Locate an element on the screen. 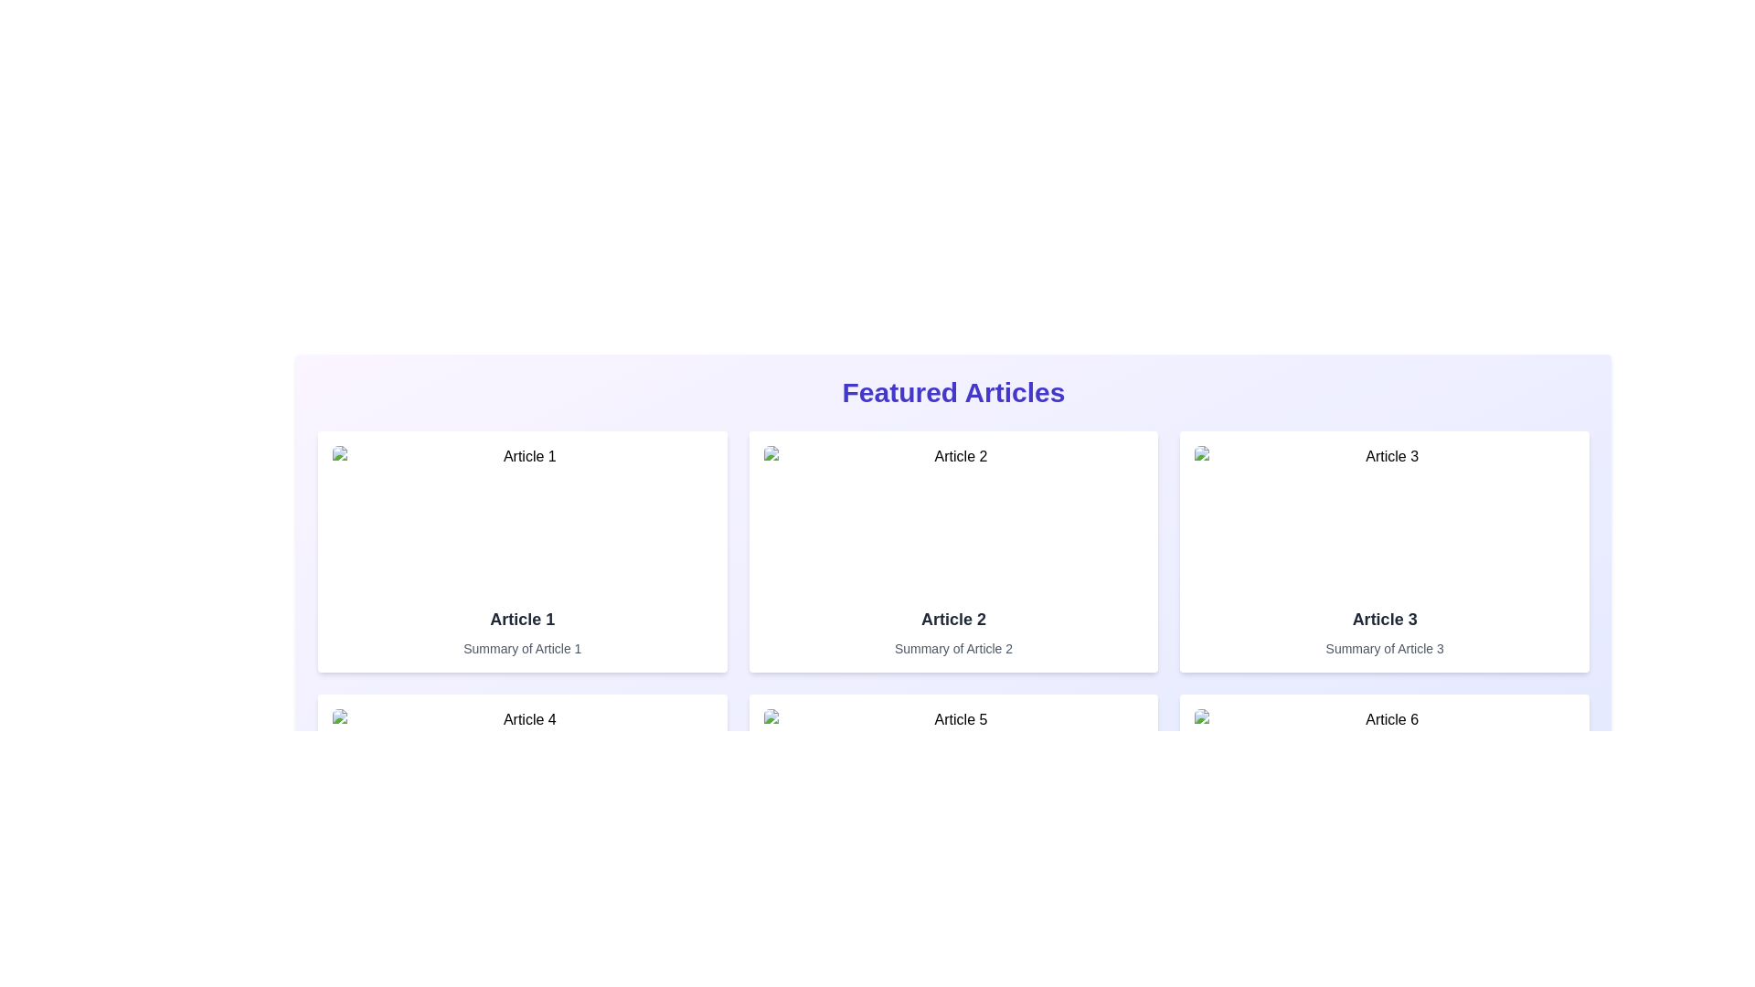 The width and height of the screenshot is (1755, 987). the image placeholder labeled 'Article 4' located at the top-left corner of its containing card is located at coordinates (521, 781).